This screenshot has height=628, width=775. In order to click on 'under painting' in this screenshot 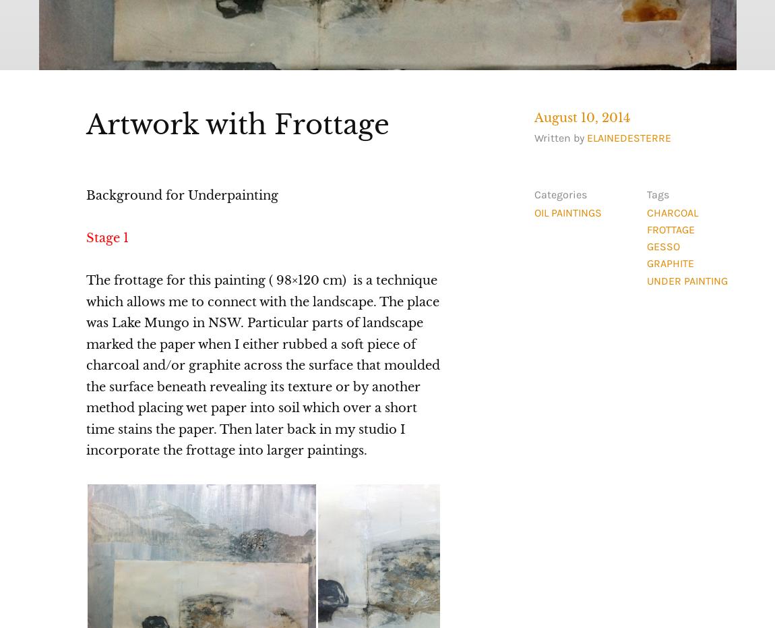, I will do `click(687, 279)`.